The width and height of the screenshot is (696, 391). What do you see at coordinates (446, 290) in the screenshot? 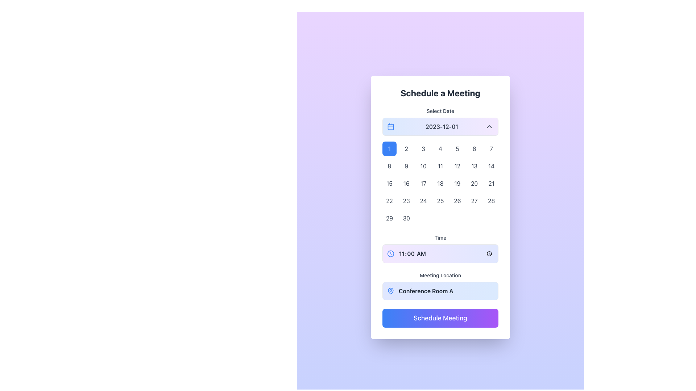
I see `on the text input field with placeholder text 'Enter location' and prefilled value 'Conference Room A'` at bounding box center [446, 290].